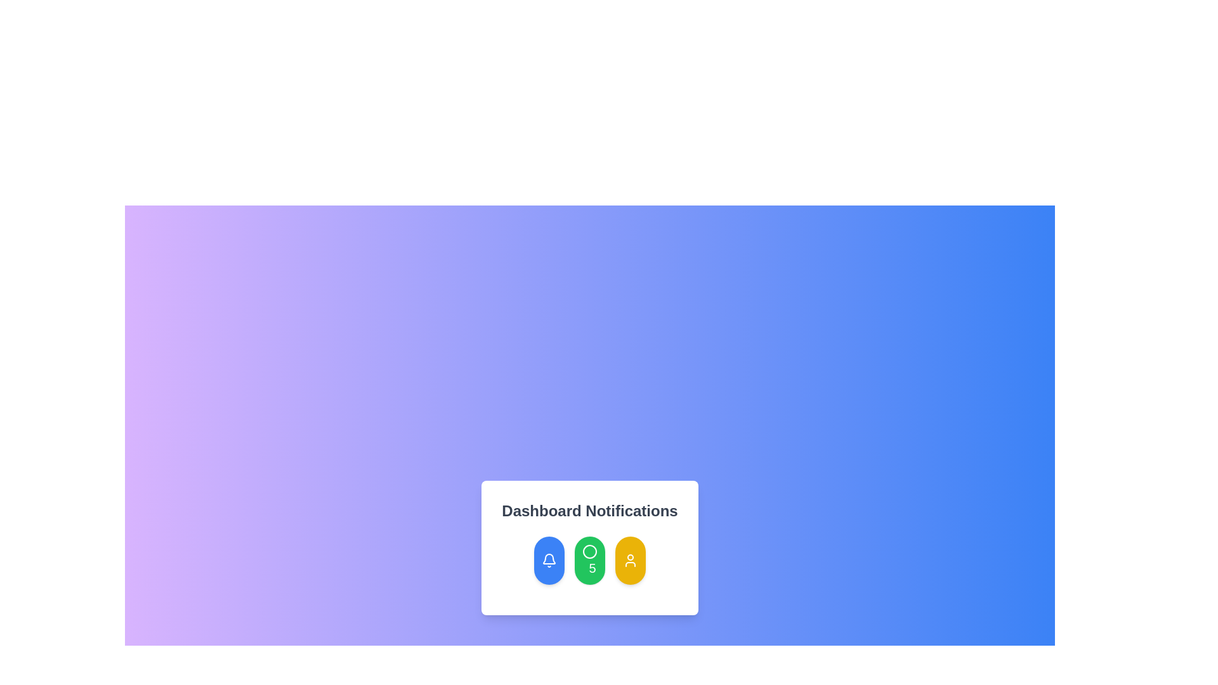 Image resolution: width=1218 pixels, height=685 pixels. I want to click on the middle button in the horizontal row of three buttons under the text 'Dashboard Notifications', so click(589, 559).